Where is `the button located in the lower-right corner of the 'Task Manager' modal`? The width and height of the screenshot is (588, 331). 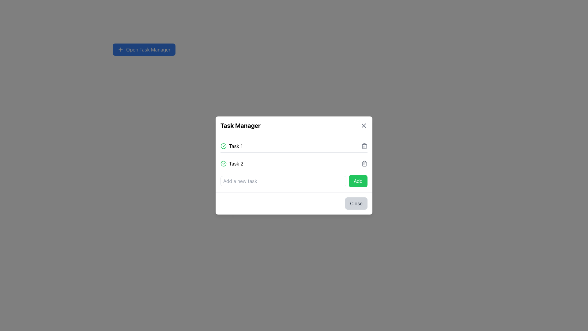 the button located in the lower-right corner of the 'Task Manager' modal is located at coordinates (356, 203).